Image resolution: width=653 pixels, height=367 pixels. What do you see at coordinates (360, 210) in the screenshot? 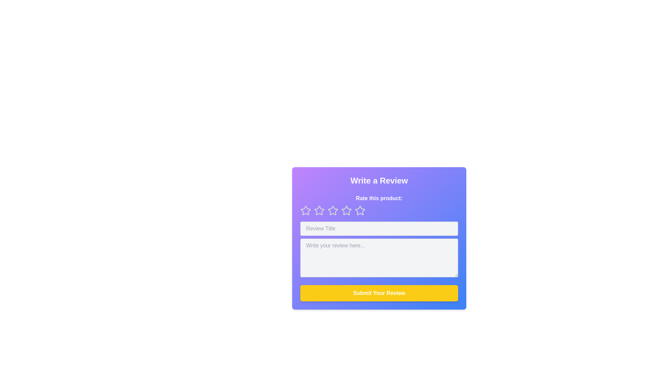
I see `the fourth star icon in the row of rating icons` at bounding box center [360, 210].